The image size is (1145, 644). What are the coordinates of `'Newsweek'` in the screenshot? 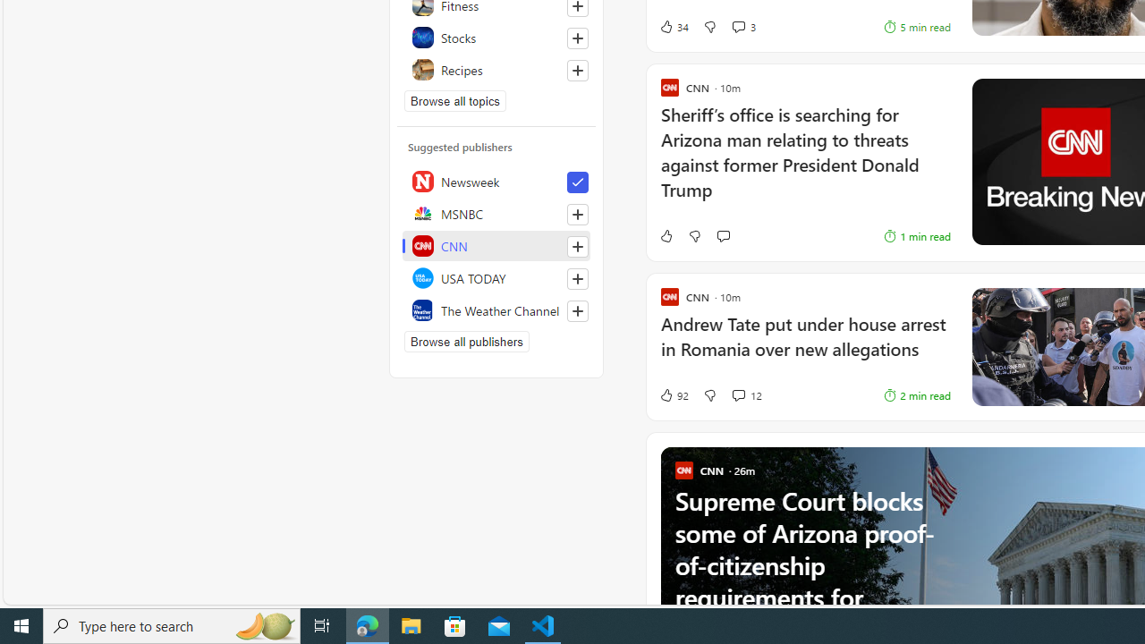 It's located at (496, 182).